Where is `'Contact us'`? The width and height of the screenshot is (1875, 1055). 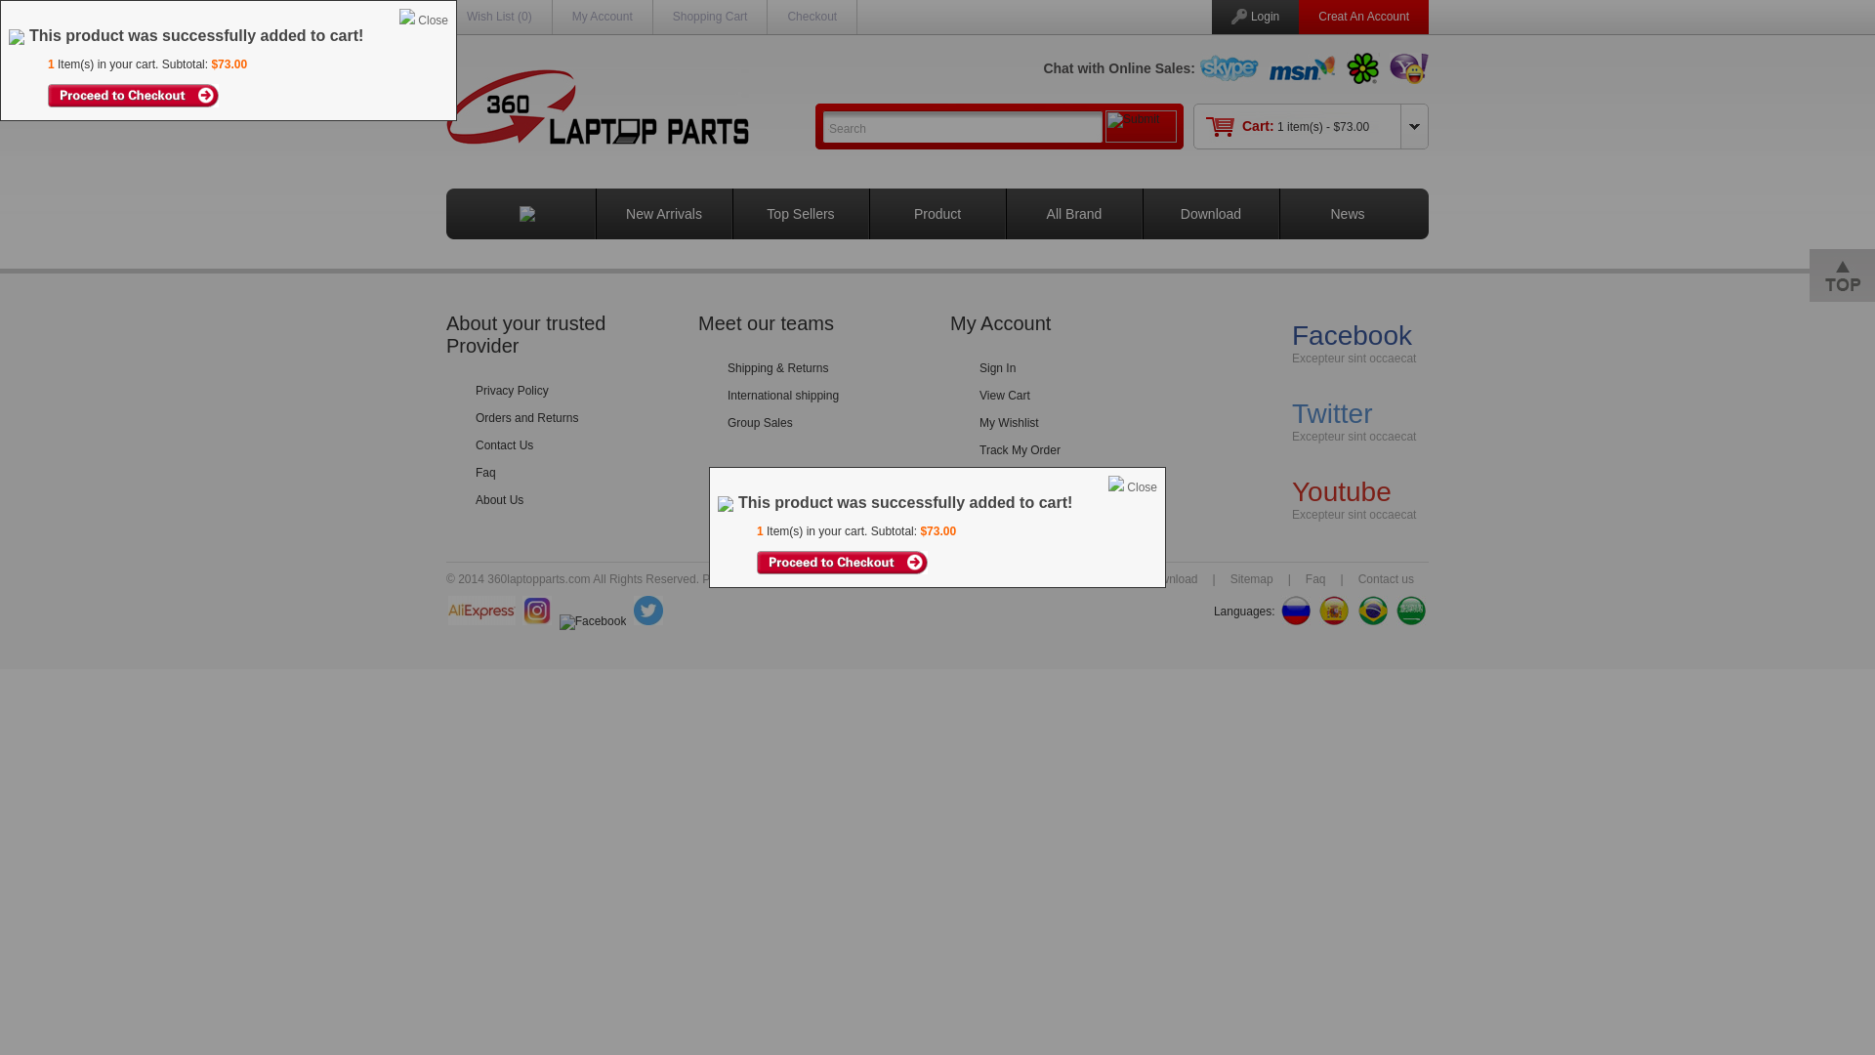 'Contact us' is located at coordinates (1385, 578).